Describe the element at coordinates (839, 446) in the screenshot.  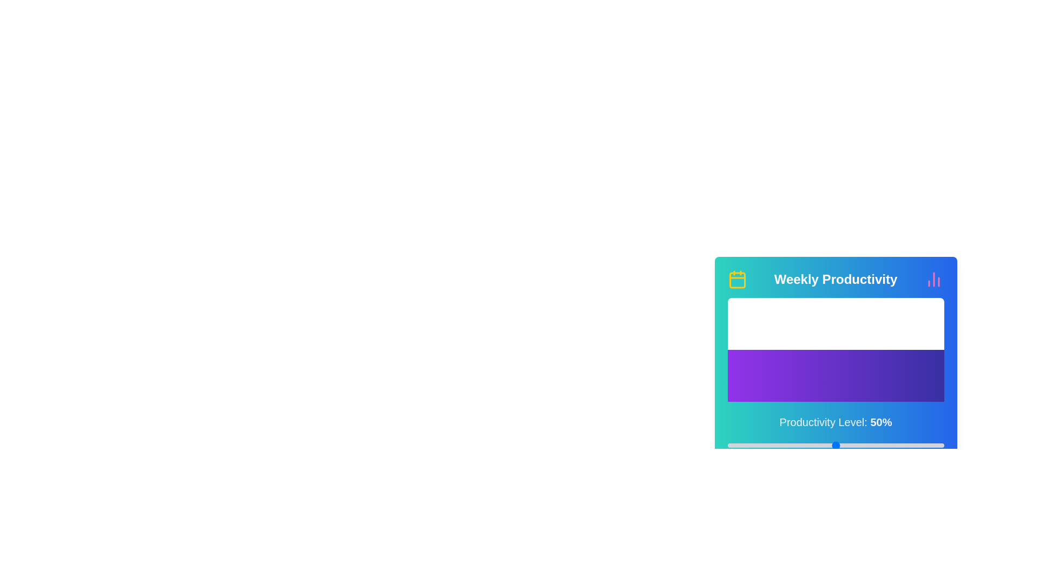
I see `the slider to set the productivity level to 52% and observe the visual representation update` at that location.